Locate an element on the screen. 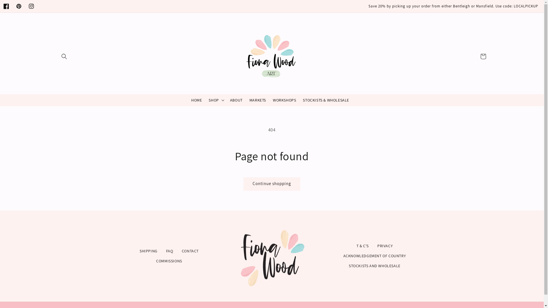 The image size is (548, 308). 'SHIPPING' is located at coordinates (148, 251).